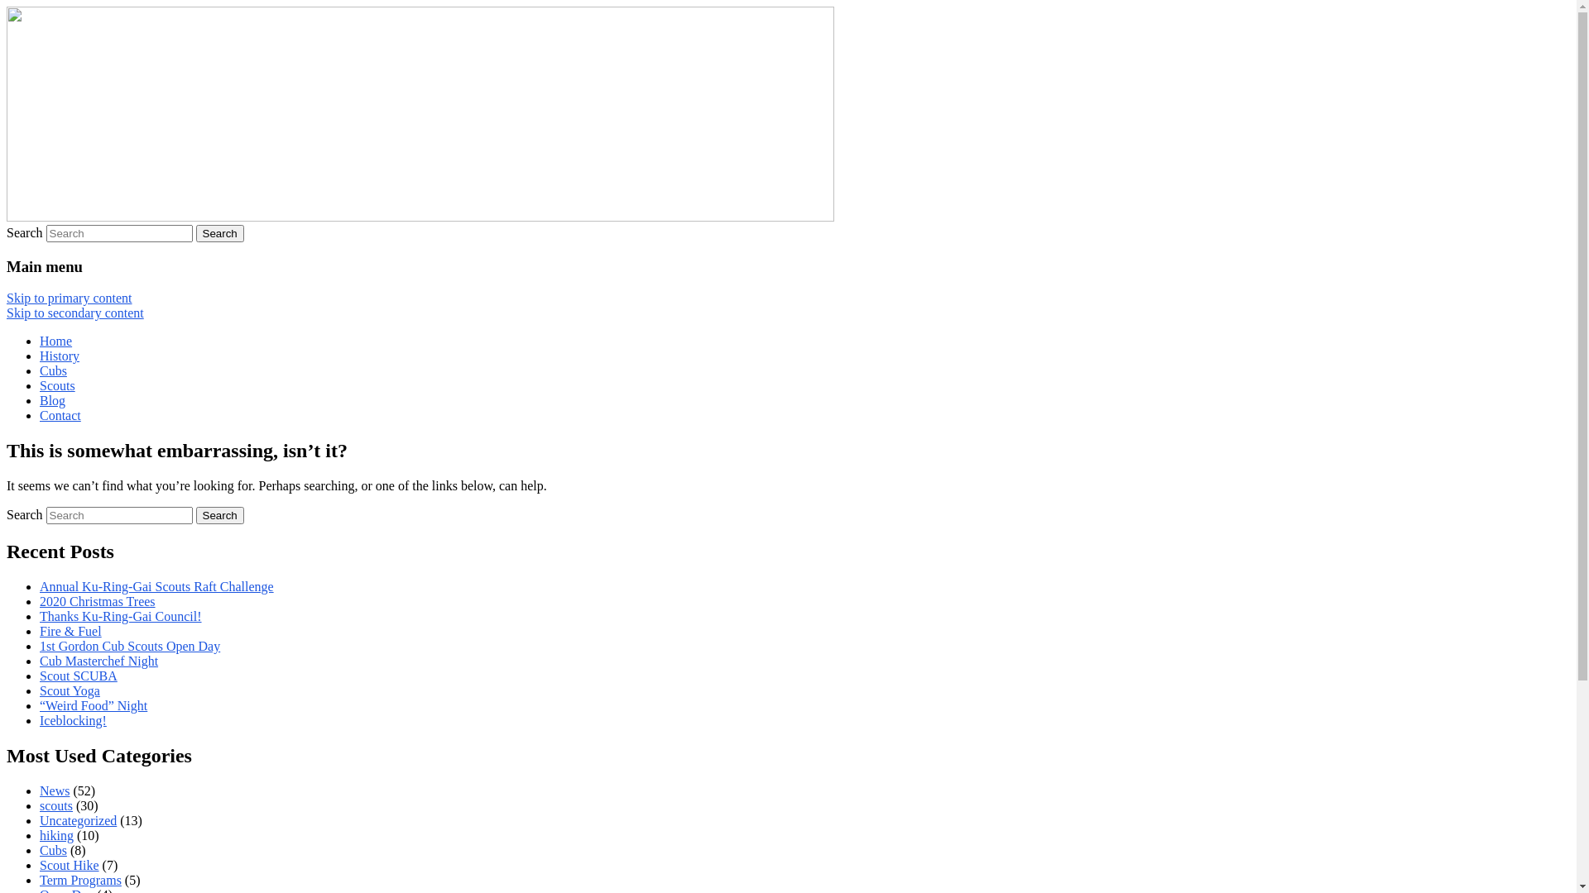  Describe the element at coordinates (68, 298) in the screenshot. I see `'Skip to primary content'` at that location.